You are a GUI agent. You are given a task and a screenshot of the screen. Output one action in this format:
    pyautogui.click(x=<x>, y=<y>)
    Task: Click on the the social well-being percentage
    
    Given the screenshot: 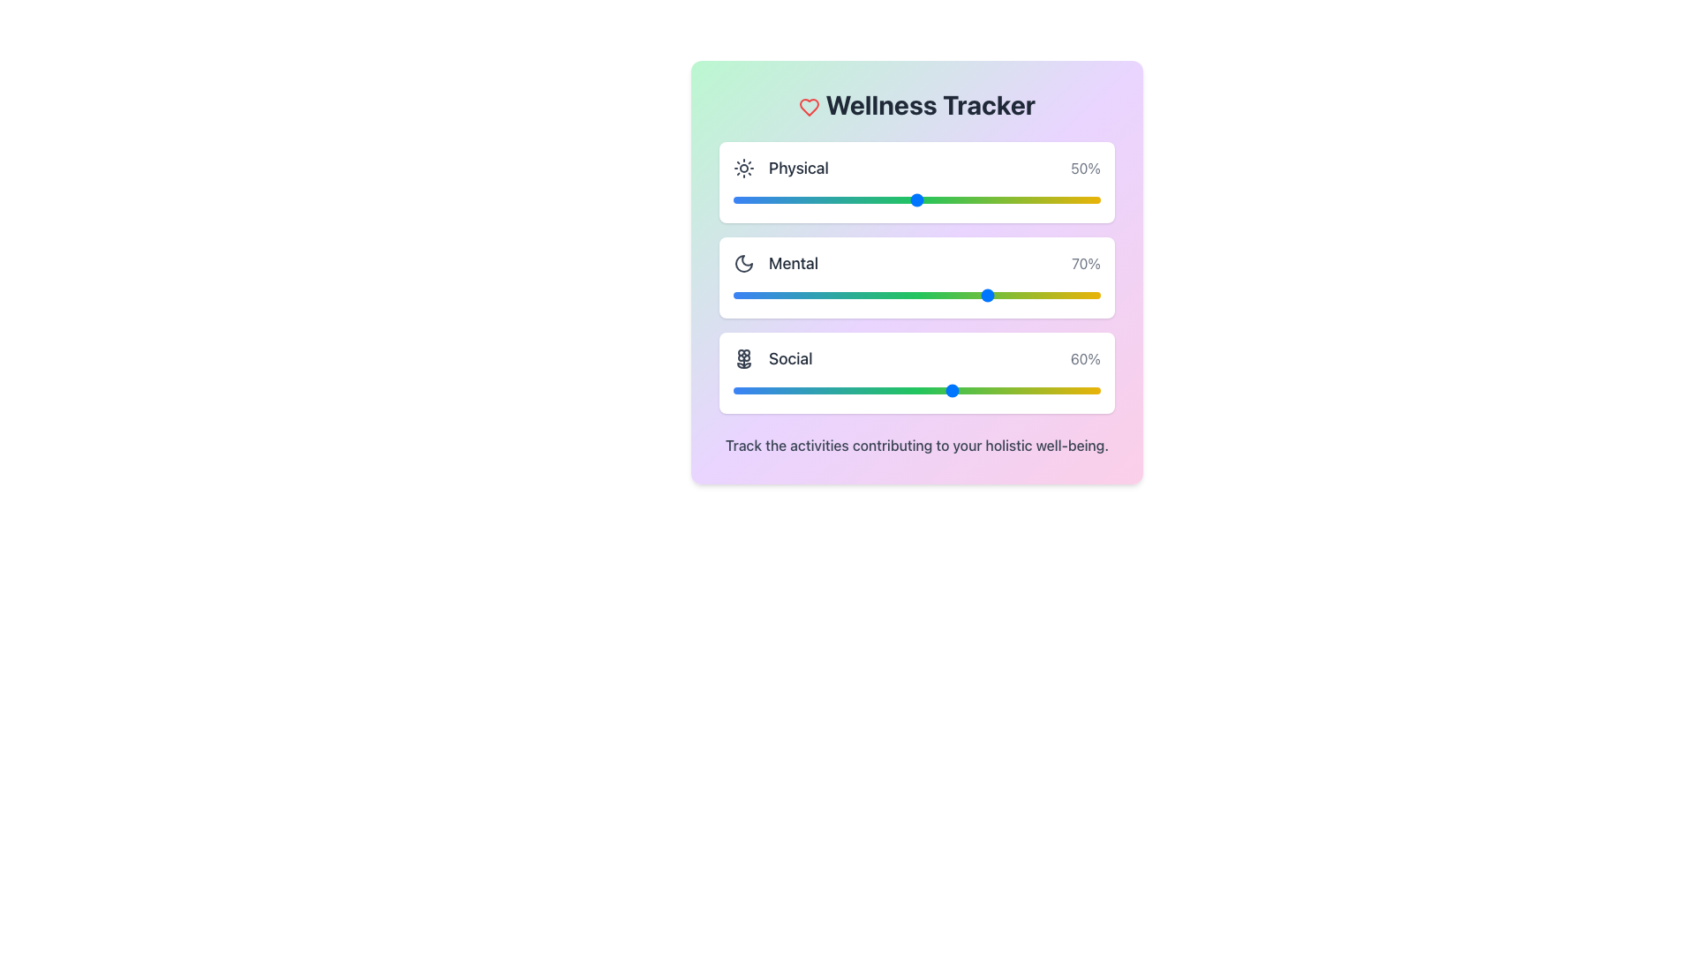 What is the action you would take?
    pyautogui.click(x=927, y=390)
    